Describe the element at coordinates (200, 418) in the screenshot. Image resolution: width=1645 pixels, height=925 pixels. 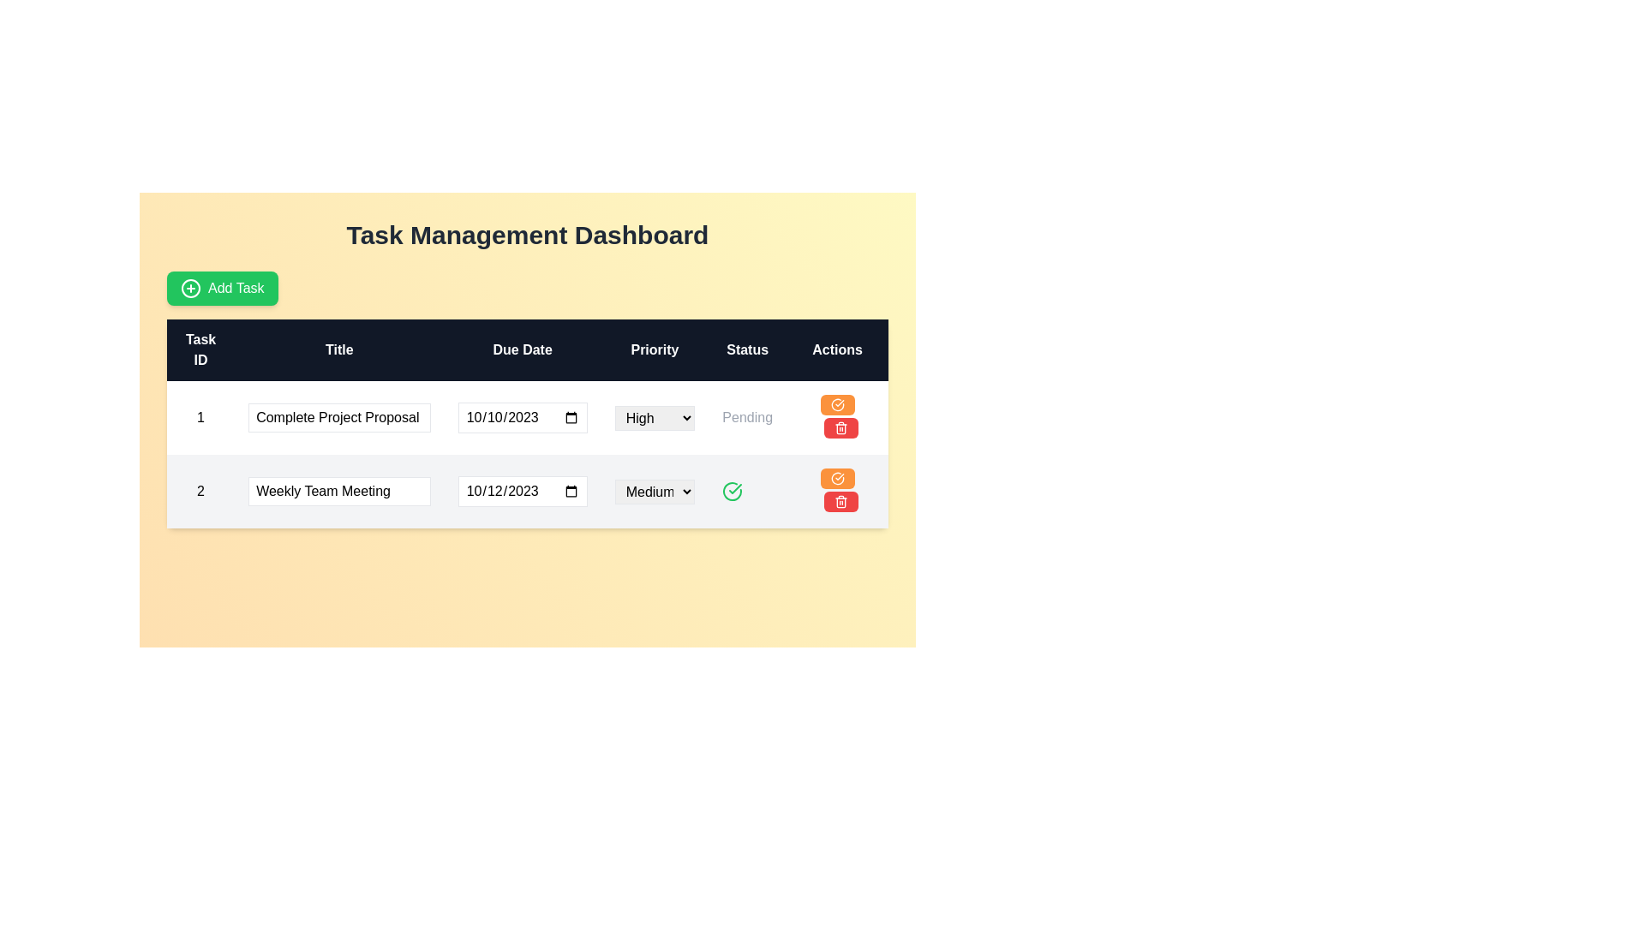
I see `the Text Label that identifies the task's ID in the first column of the first data row of the task list table` at that location.